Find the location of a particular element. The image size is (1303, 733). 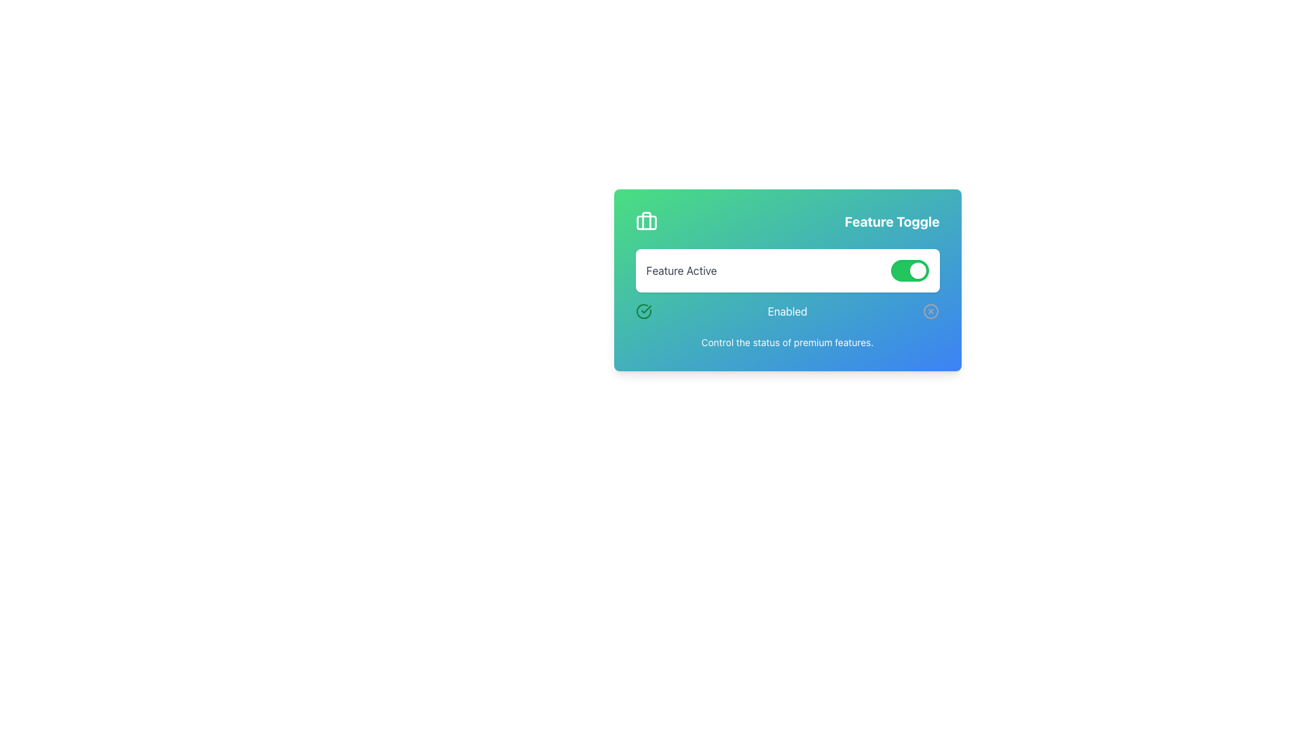

the static text label displaying 'Feature Toggle' in bold white font, located in the header section with a gradient green-blue background is located at coordinates (892, 221).